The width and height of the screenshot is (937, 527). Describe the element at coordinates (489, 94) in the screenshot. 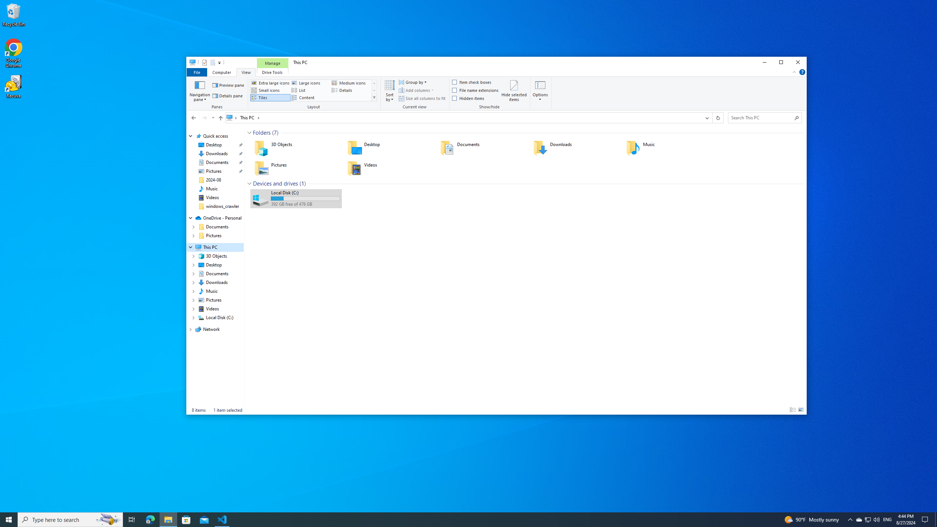

I see `'Show/hide'` at that location.